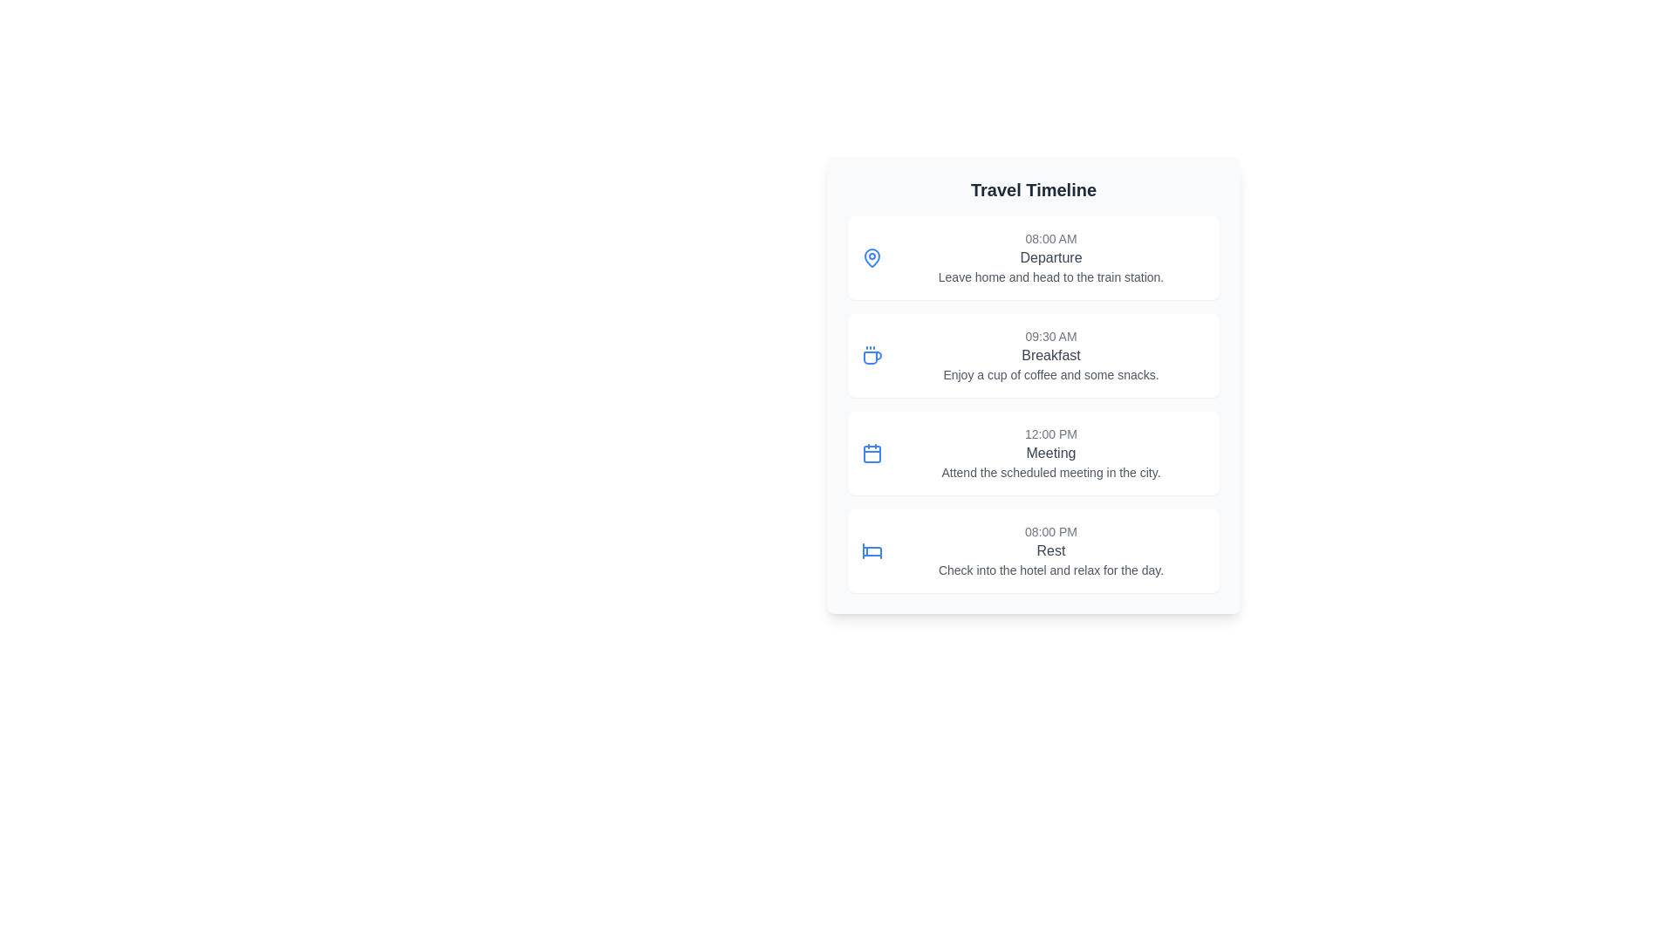  What do you see at coordinates (1049, 276) in the screenshot?
I see `supplementary text line that states 'Leave home and head to the train station.' located below the heading 'Departure' and the timestamp '08:00 AM'` at bounding box center [1049, 276].